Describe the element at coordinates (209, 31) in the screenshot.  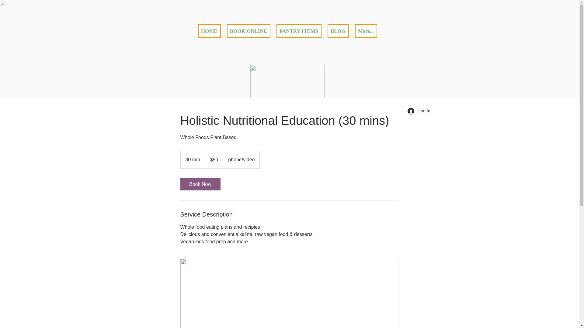
I see `'HOME'` at that location.